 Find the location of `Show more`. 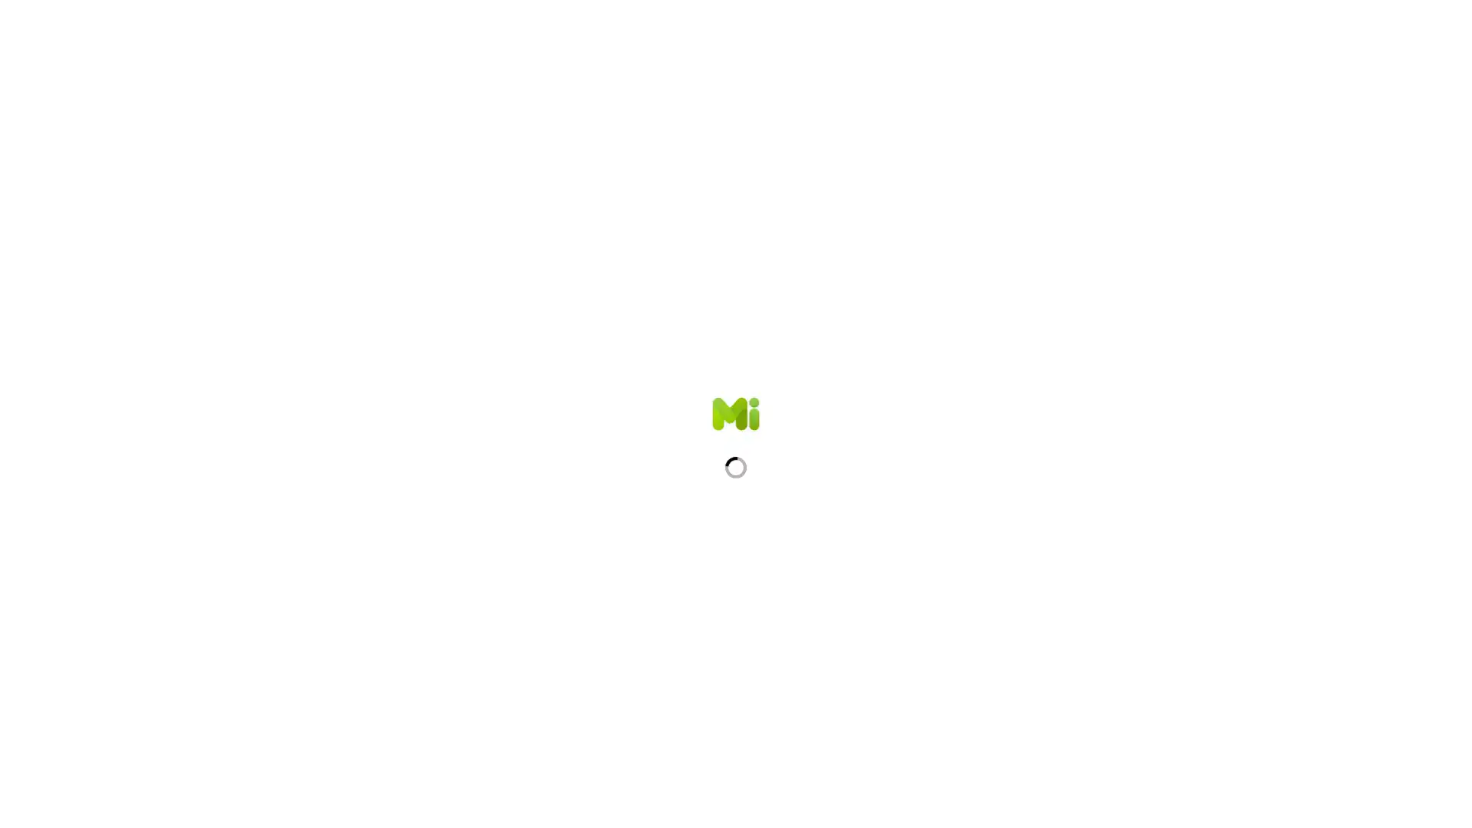

Show more is located at coordinates (955, 247).